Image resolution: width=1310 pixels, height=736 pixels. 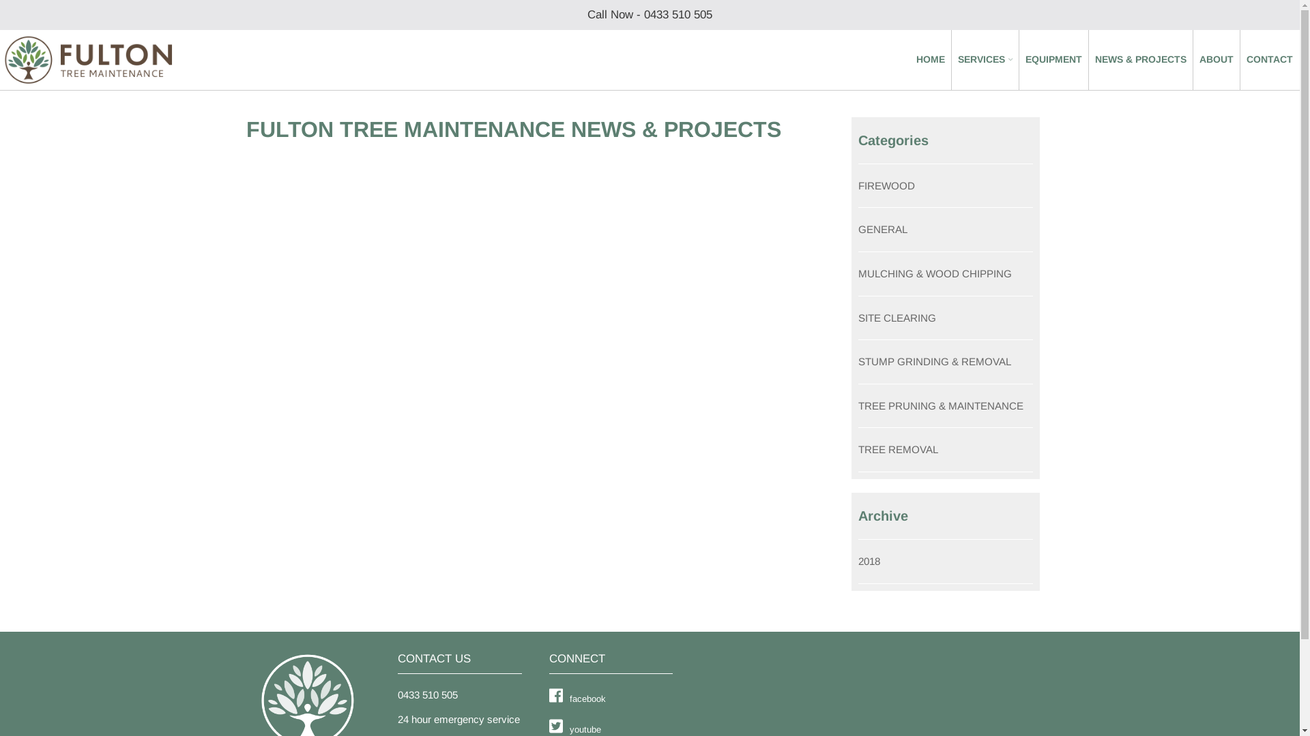 What do you see at coordinates (868, 561) in the screenshot?
I see `'2018'` at bounding box center [868, 561].